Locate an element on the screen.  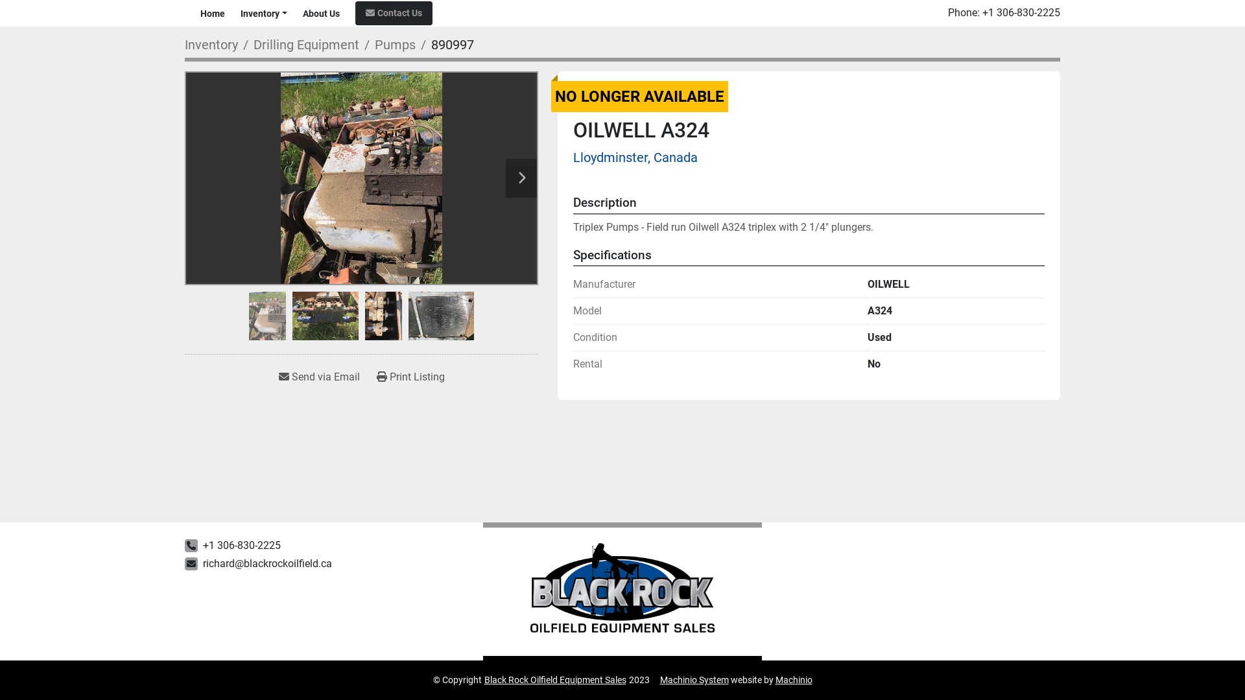
'About Us' is located at coordinates (321, 13).